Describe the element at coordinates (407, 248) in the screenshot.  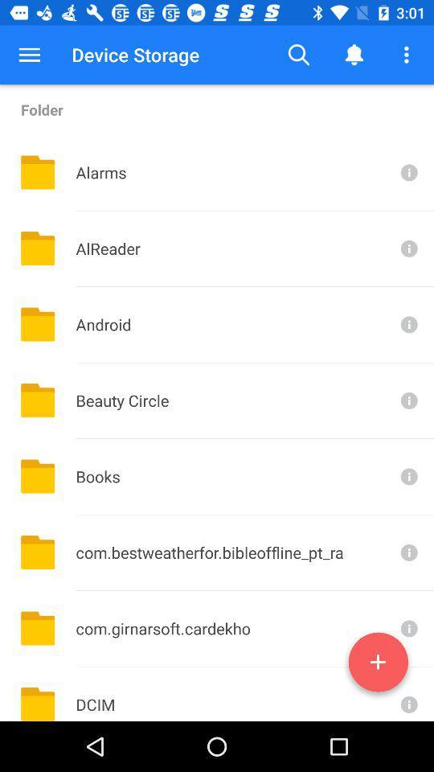
I see `more information on alreader folder` at that location.